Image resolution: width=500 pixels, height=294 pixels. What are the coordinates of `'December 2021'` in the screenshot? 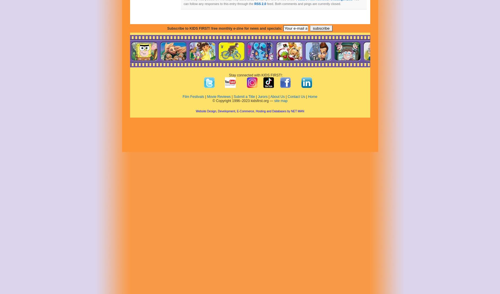 It's located at (139, 37).